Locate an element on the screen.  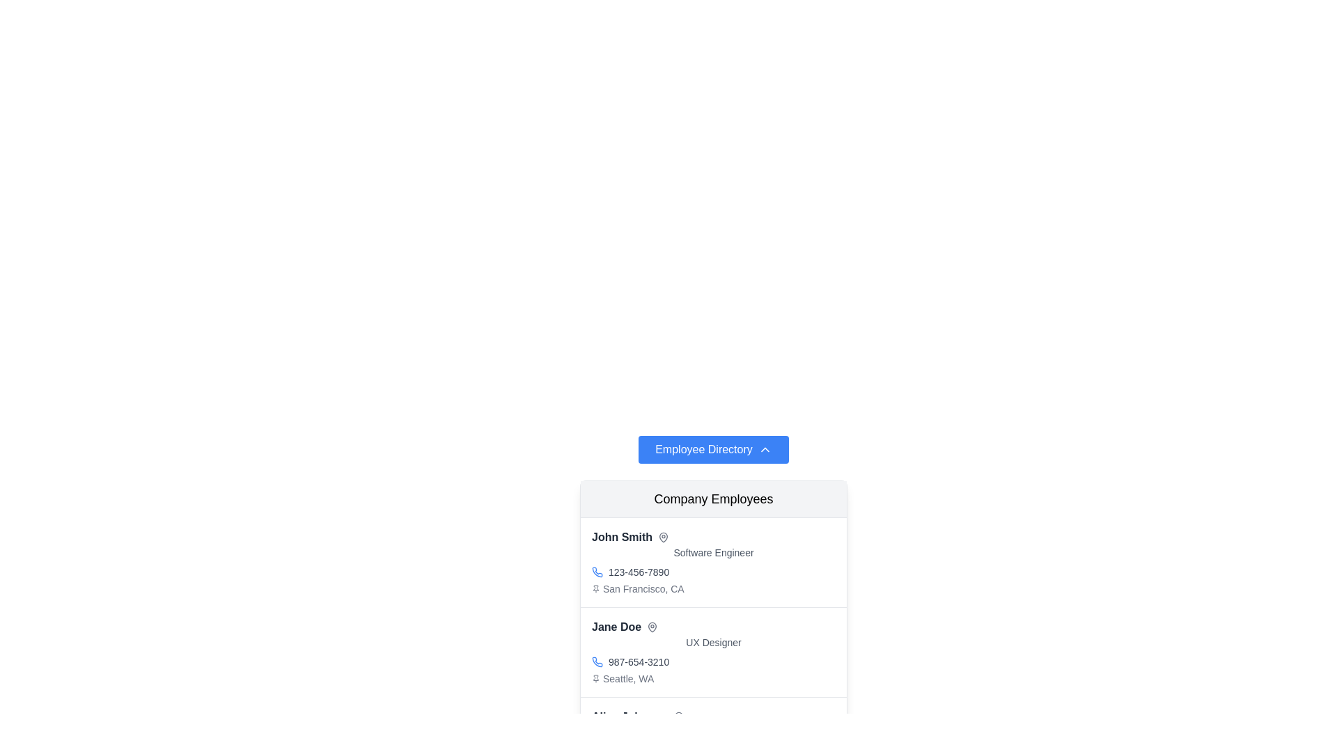
the phone icon located next to the phone number under the first employee's details in the 'Company Employees' section is located at coordinates (597, 572).